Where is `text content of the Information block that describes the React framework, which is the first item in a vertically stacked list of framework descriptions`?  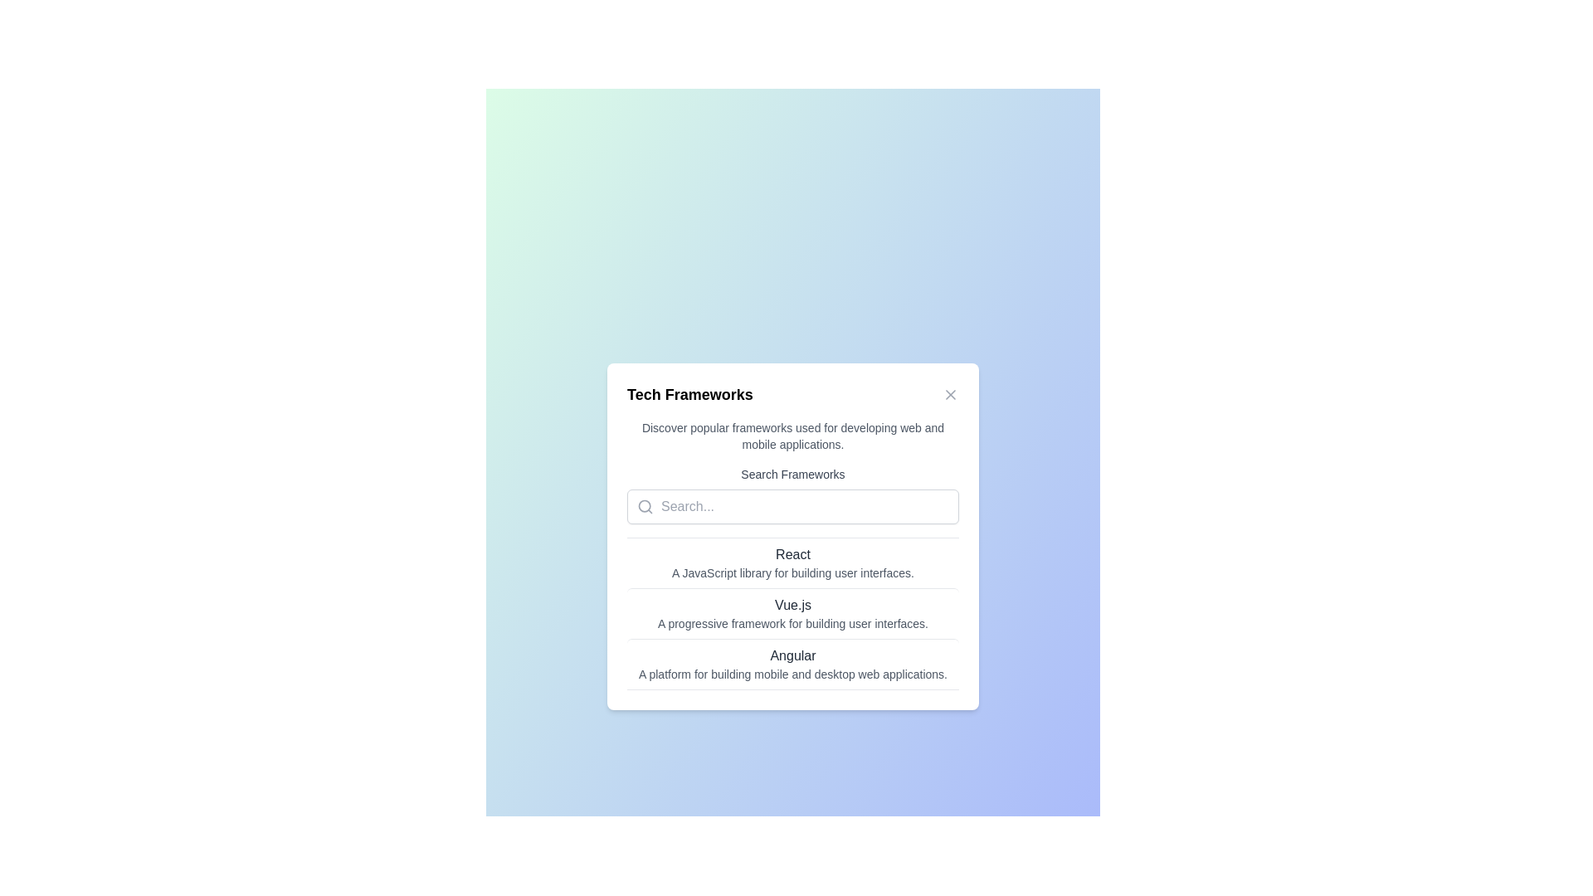
text content of the Information block that describes the React framework, which is the first item in a vertically stacked list of framework descriptions is located at coordinates (792, 562).